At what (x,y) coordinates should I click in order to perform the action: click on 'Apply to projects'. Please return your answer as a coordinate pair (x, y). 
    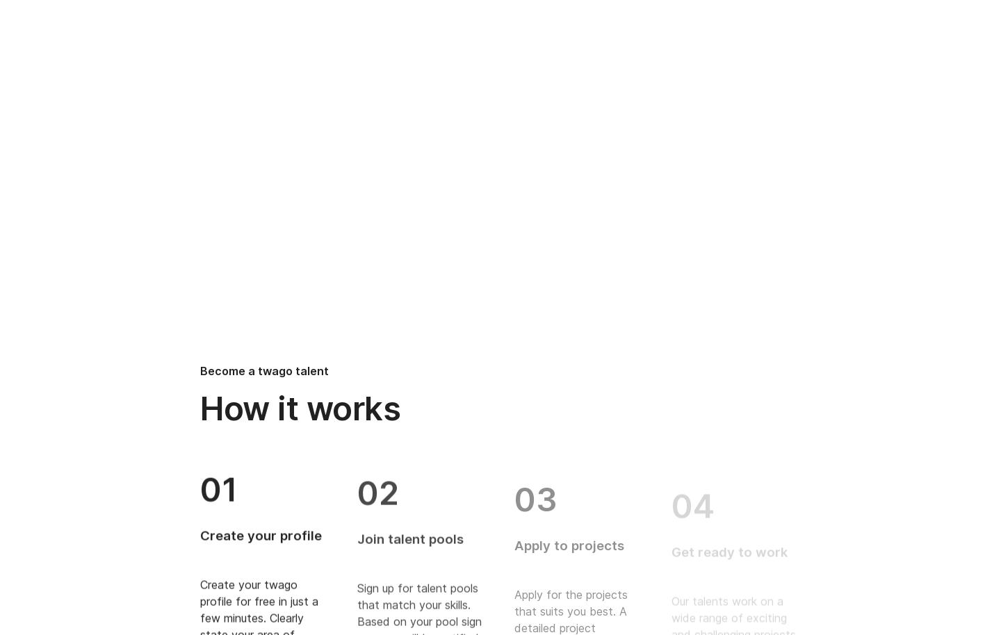
    Looking at the image, I should click on (569, 535).